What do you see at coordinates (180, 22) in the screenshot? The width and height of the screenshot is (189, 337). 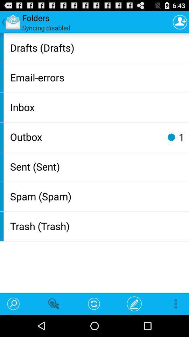 I see `account` at bounding box center [180, 22].